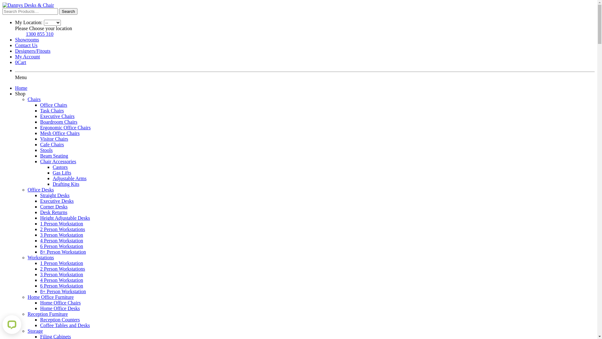 This screenshot has width=602, height=339. Describe the element at coordinates (54, 105) in the screenshot. I see `'Office Chairs'` at that location.